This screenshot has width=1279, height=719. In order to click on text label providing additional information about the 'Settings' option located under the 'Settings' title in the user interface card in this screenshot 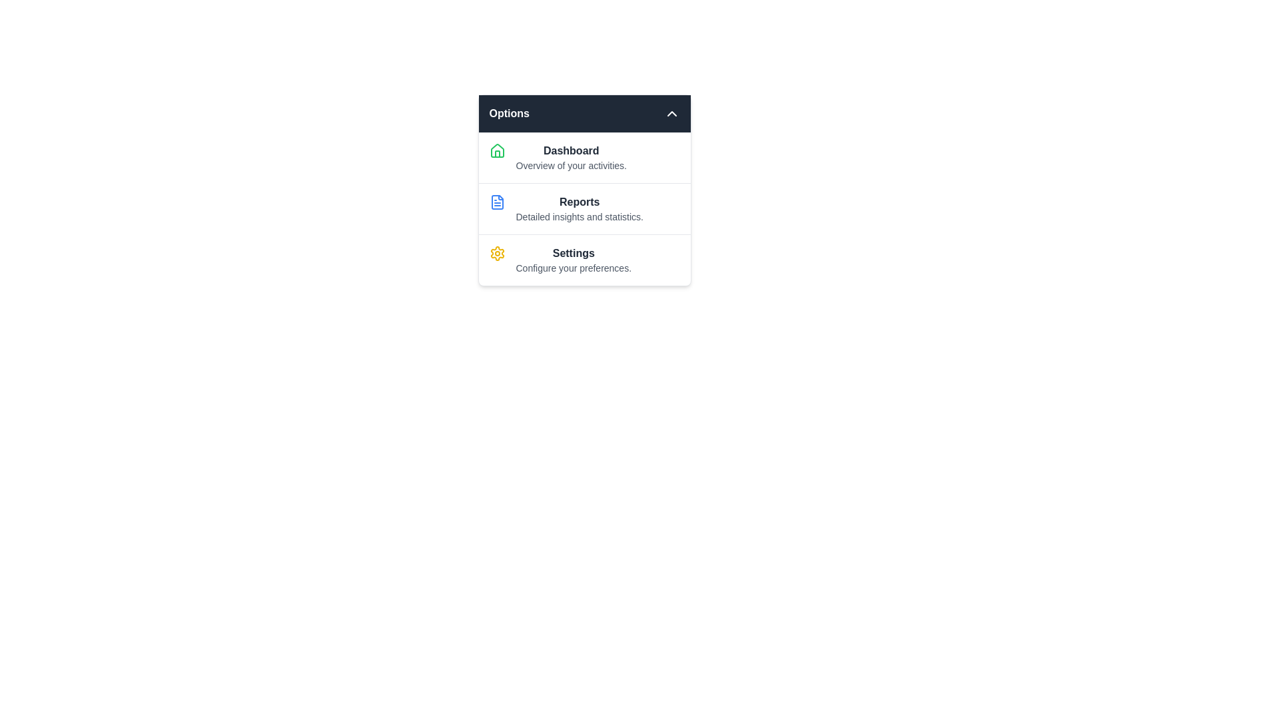, I will do `click(574, 268)`.